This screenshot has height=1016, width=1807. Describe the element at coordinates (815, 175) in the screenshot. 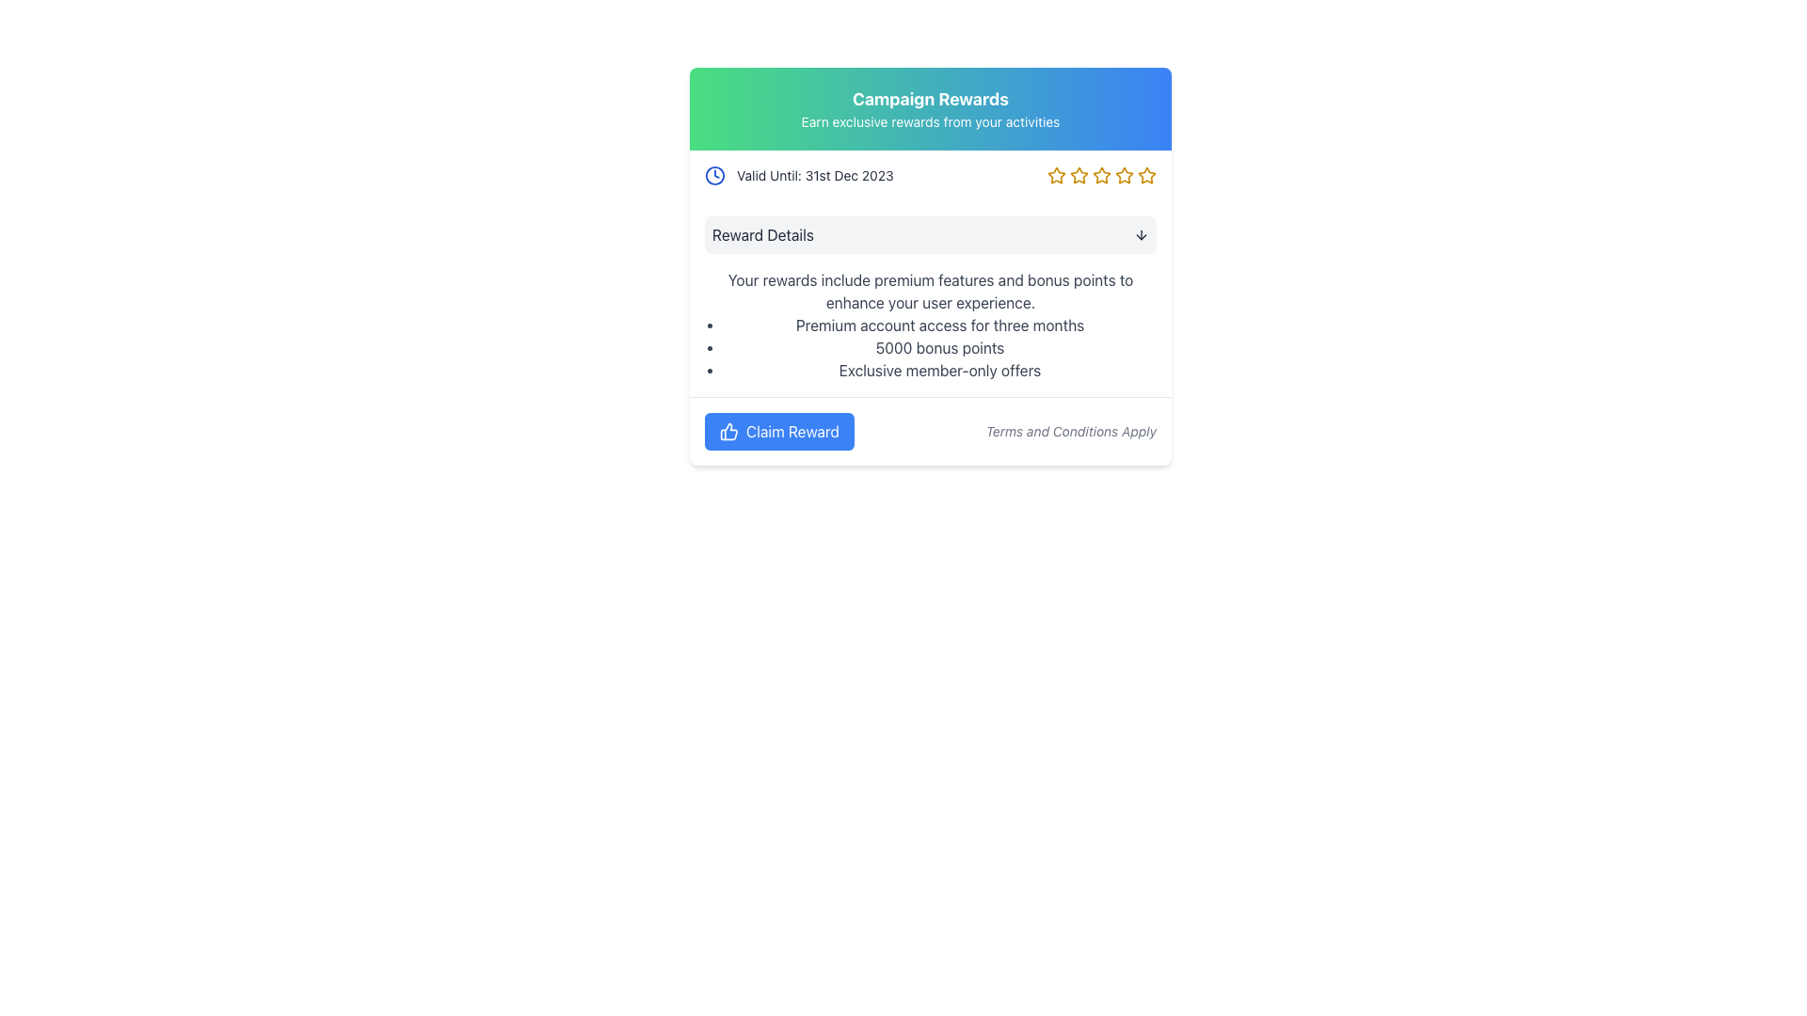

I see `the text label displaying 'Valid Until: 31st Dec 2023', which is part of the campaign rewards section and aligned horizontally with a clock icon` at that location.